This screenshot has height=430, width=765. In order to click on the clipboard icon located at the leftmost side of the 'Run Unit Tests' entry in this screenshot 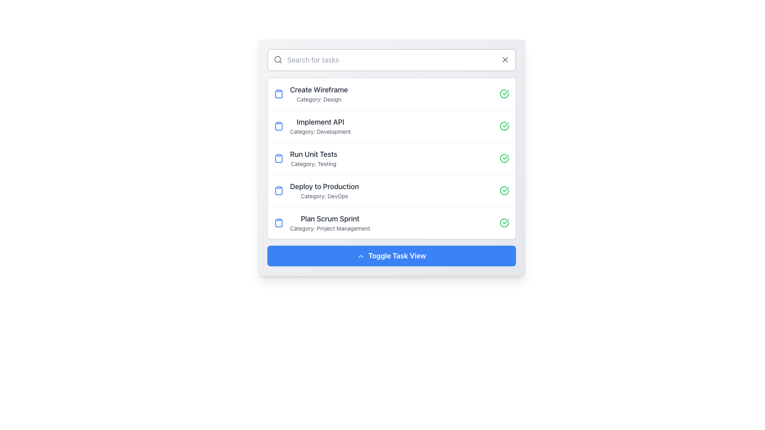, I will do `click(279, 158)`.